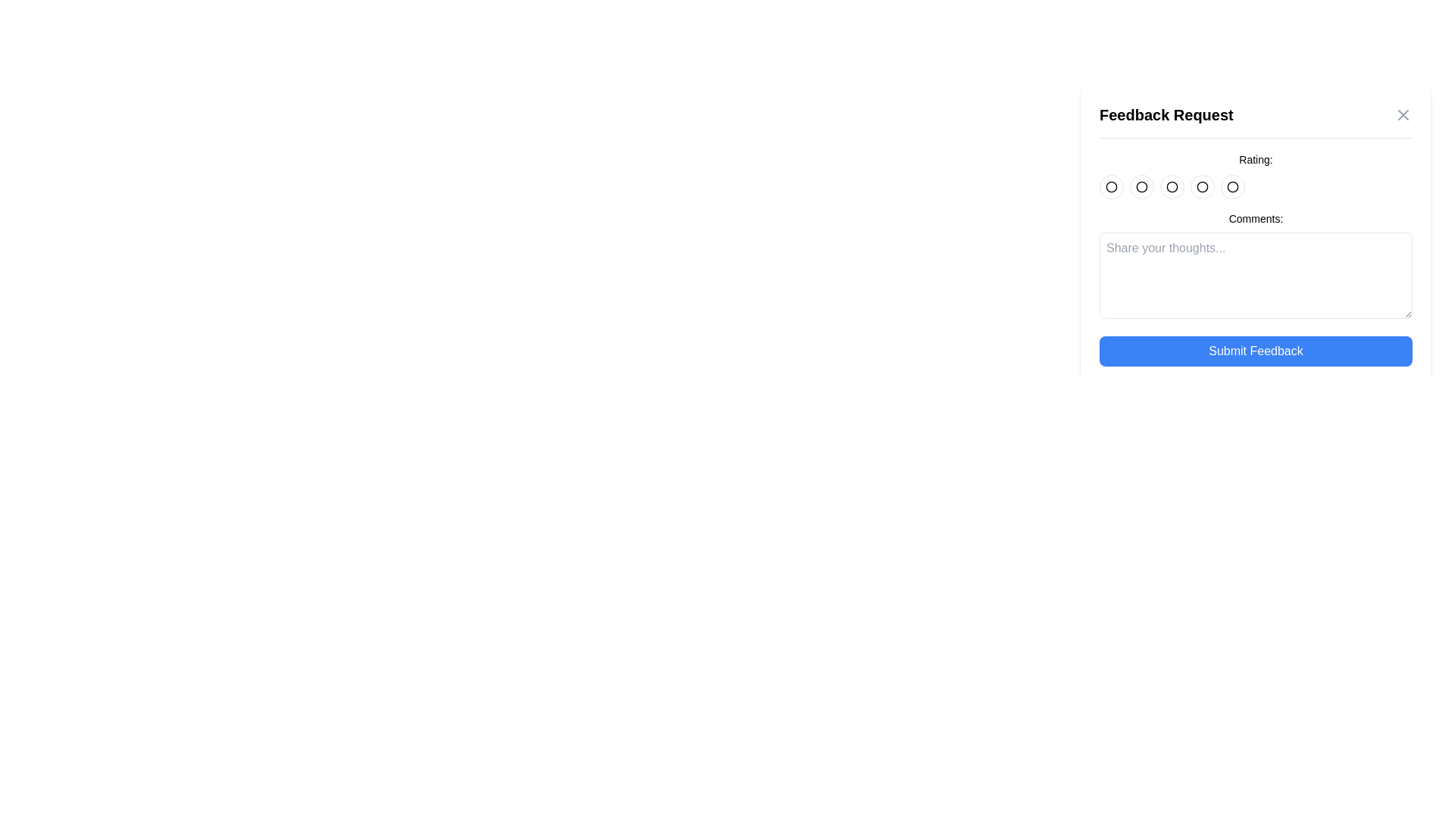 The width and height of the screenshot is (1455, 818). I want to click on the dismiss icon in the top-right corner of the feedback request form, so click(1403, 114).